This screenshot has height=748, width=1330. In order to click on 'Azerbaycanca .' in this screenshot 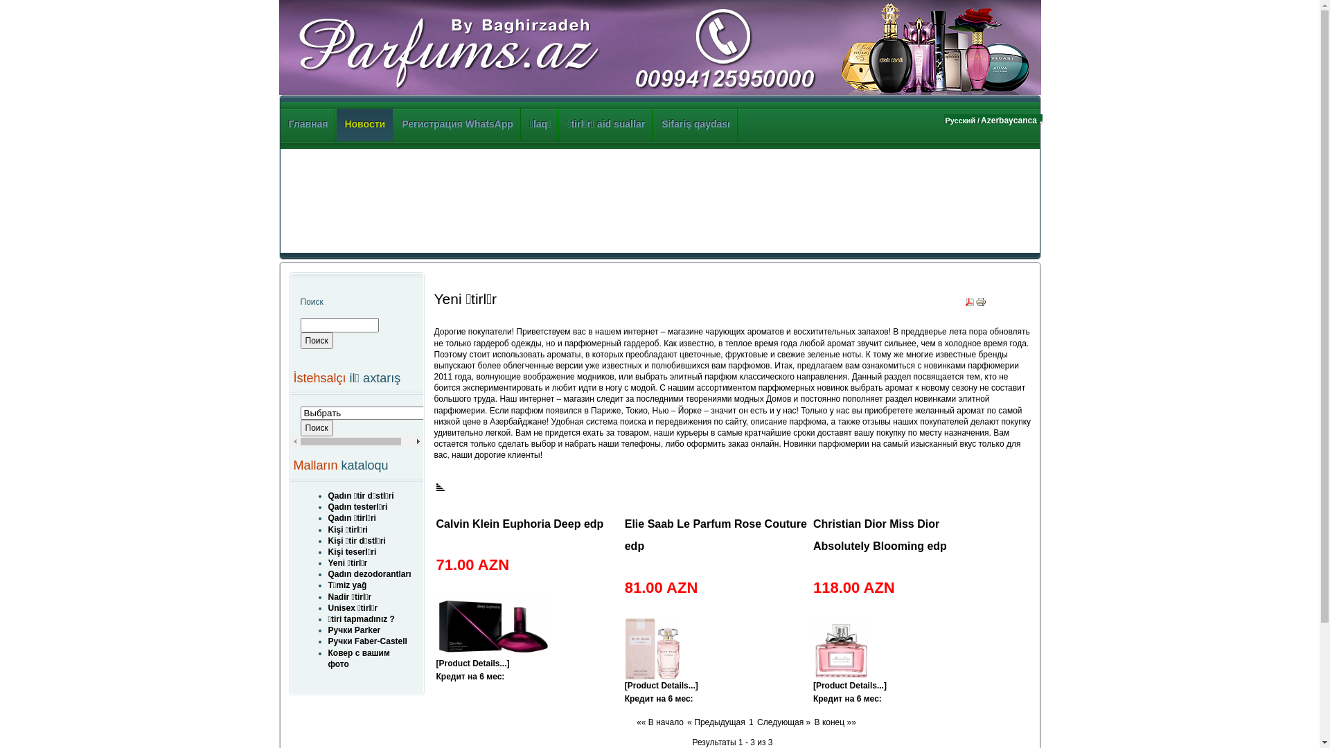, I will do `click(1011, 119)`.